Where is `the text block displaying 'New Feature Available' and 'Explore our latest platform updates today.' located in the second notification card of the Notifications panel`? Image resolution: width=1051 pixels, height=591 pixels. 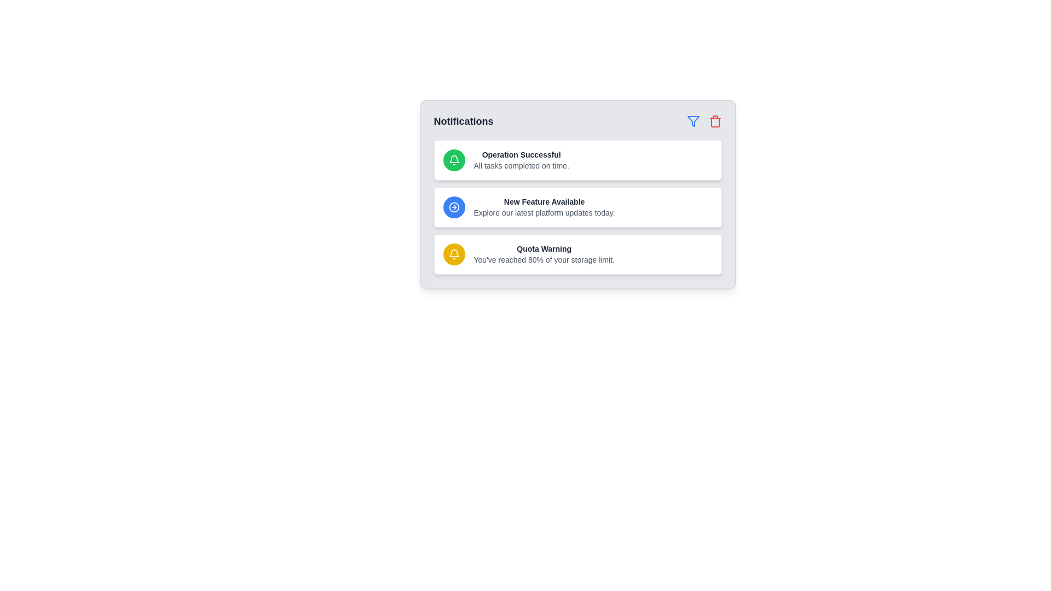
the text block displaying 'New Feature Available' and 'Explore our latest platform updates today.' located in the second notification card of the Notifications panel is located at coordinates (544, 207).